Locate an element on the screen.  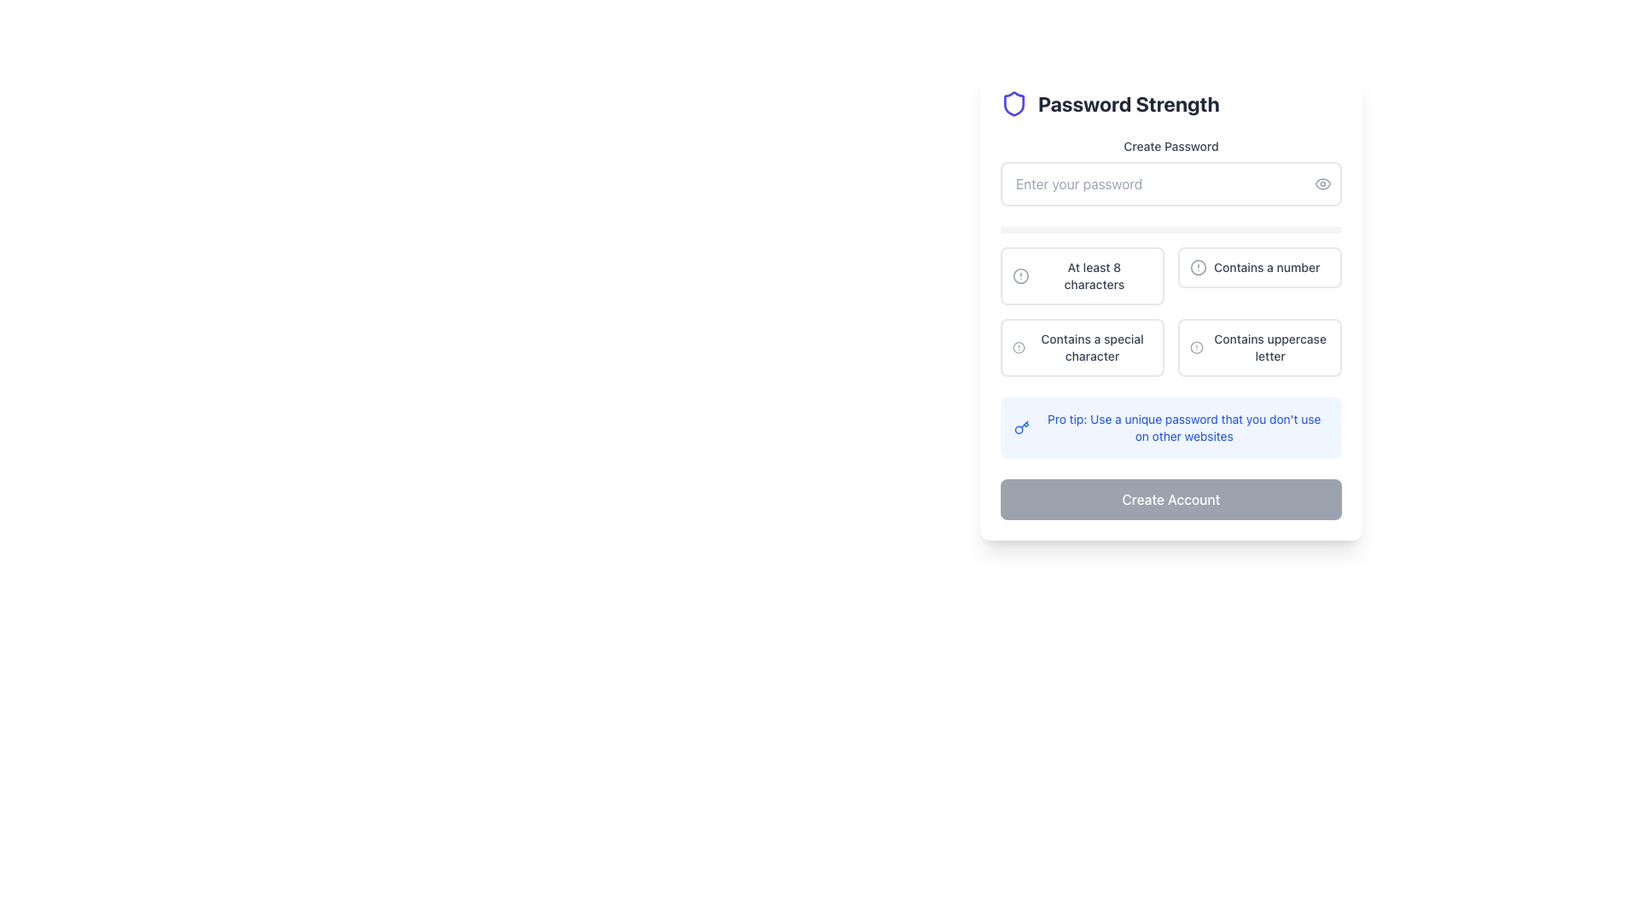
the checklist item label indicating that the password must include at least one numerical digit, which is positioned to the right of an icon in the UI is located at coordinates (1267, 267).